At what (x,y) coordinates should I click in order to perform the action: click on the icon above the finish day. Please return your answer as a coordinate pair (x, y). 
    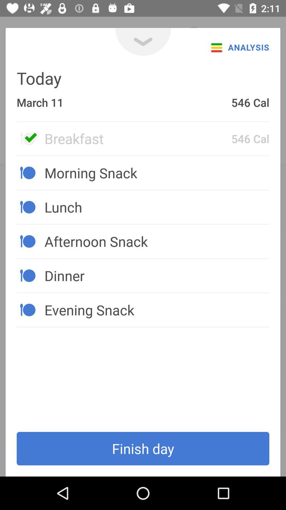
    Looking at the image, I should click on (157, 310).